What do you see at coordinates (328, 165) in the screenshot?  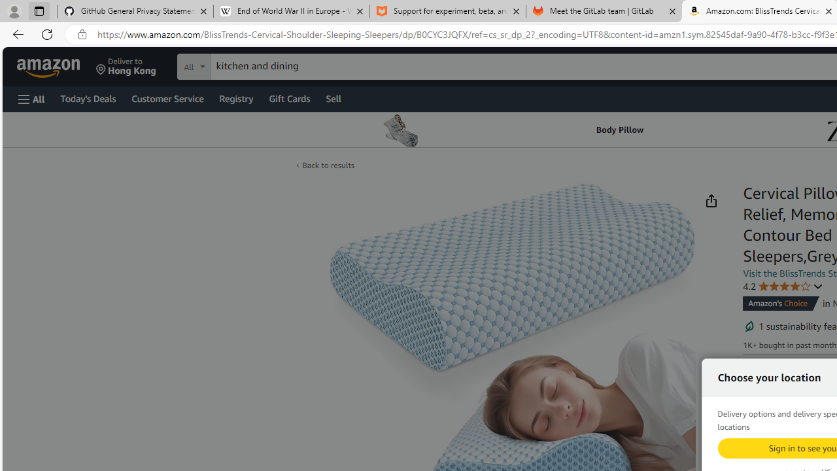 I see `'Back to results'` at bounding box center [328, 165].